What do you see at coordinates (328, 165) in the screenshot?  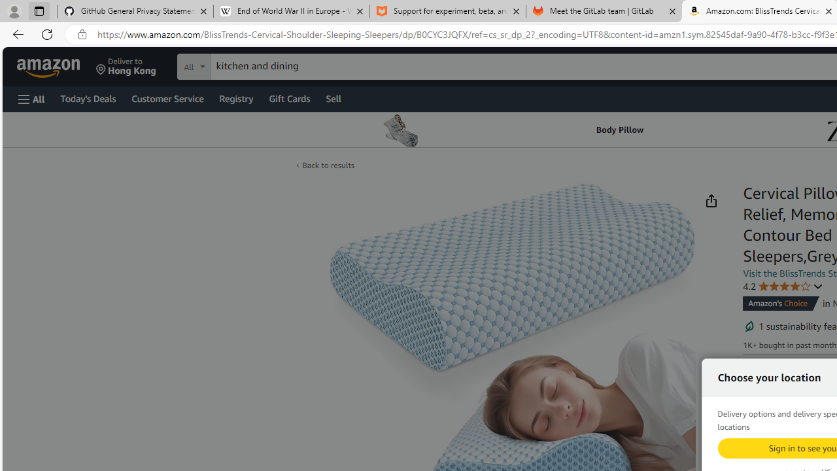 I see `'Back to results'` at bounding box center [328, 165].